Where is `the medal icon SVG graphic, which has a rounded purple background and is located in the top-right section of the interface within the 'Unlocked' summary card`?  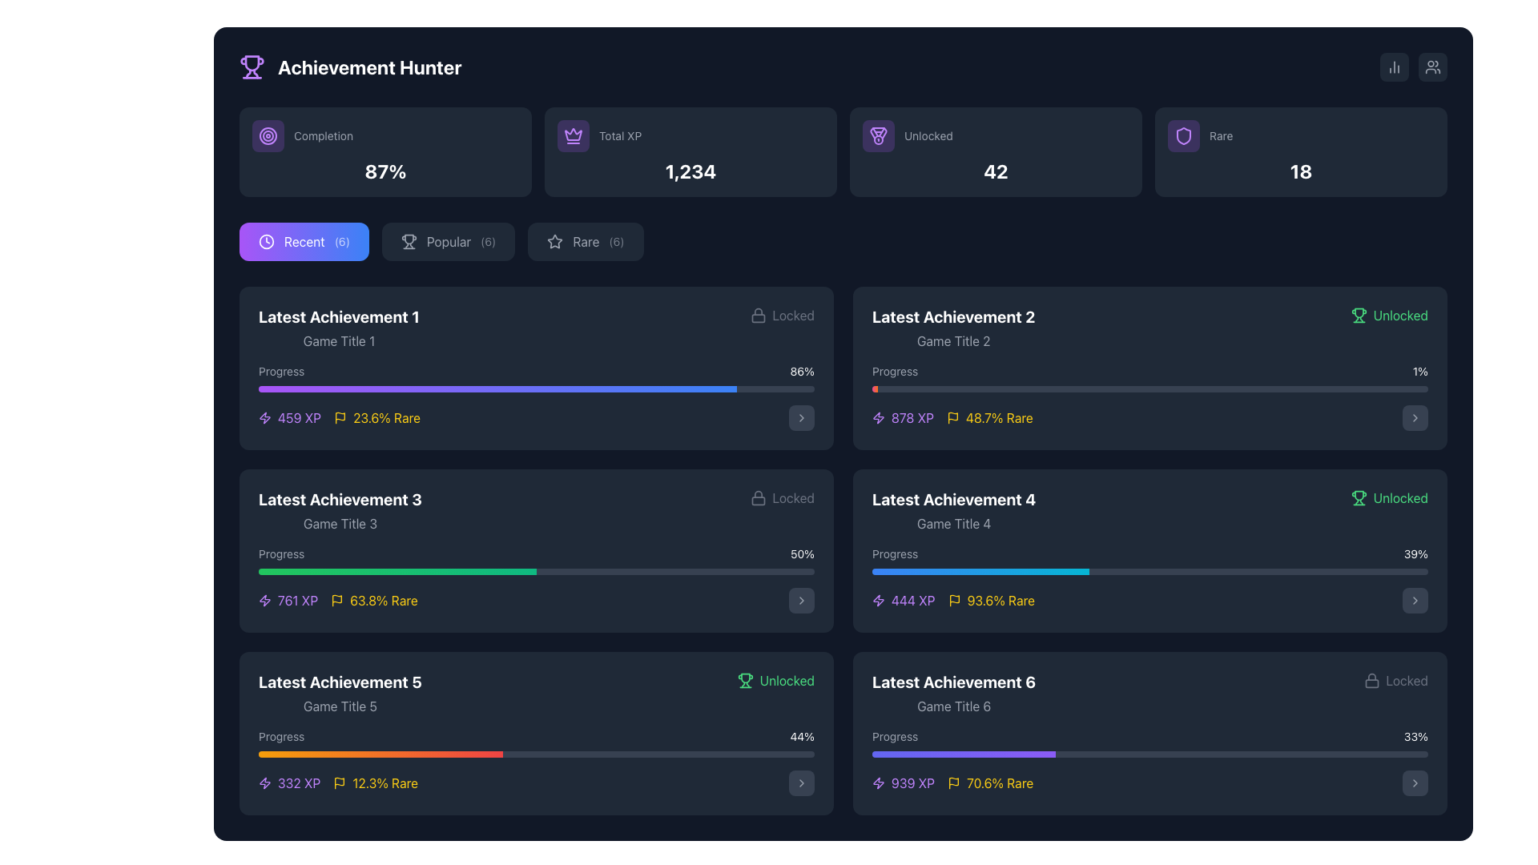 the medal icon SVG graphic, which has a rounded purple background and is located in the top-right section of the interface within the 'Unlocked' summary card is located at coordinates (878, 135).